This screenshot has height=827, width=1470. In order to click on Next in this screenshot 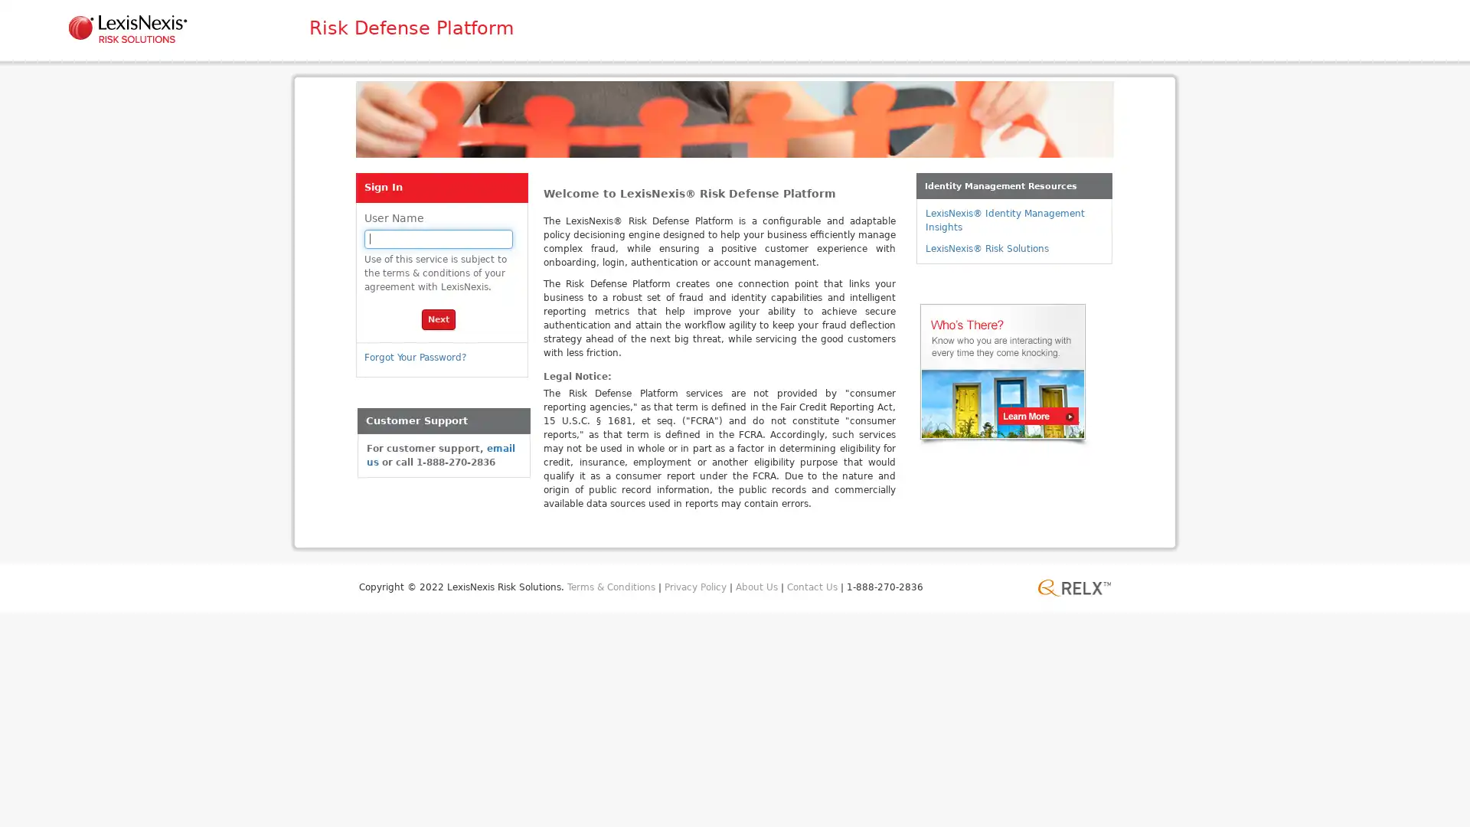, I will do `click(437, 318)`.